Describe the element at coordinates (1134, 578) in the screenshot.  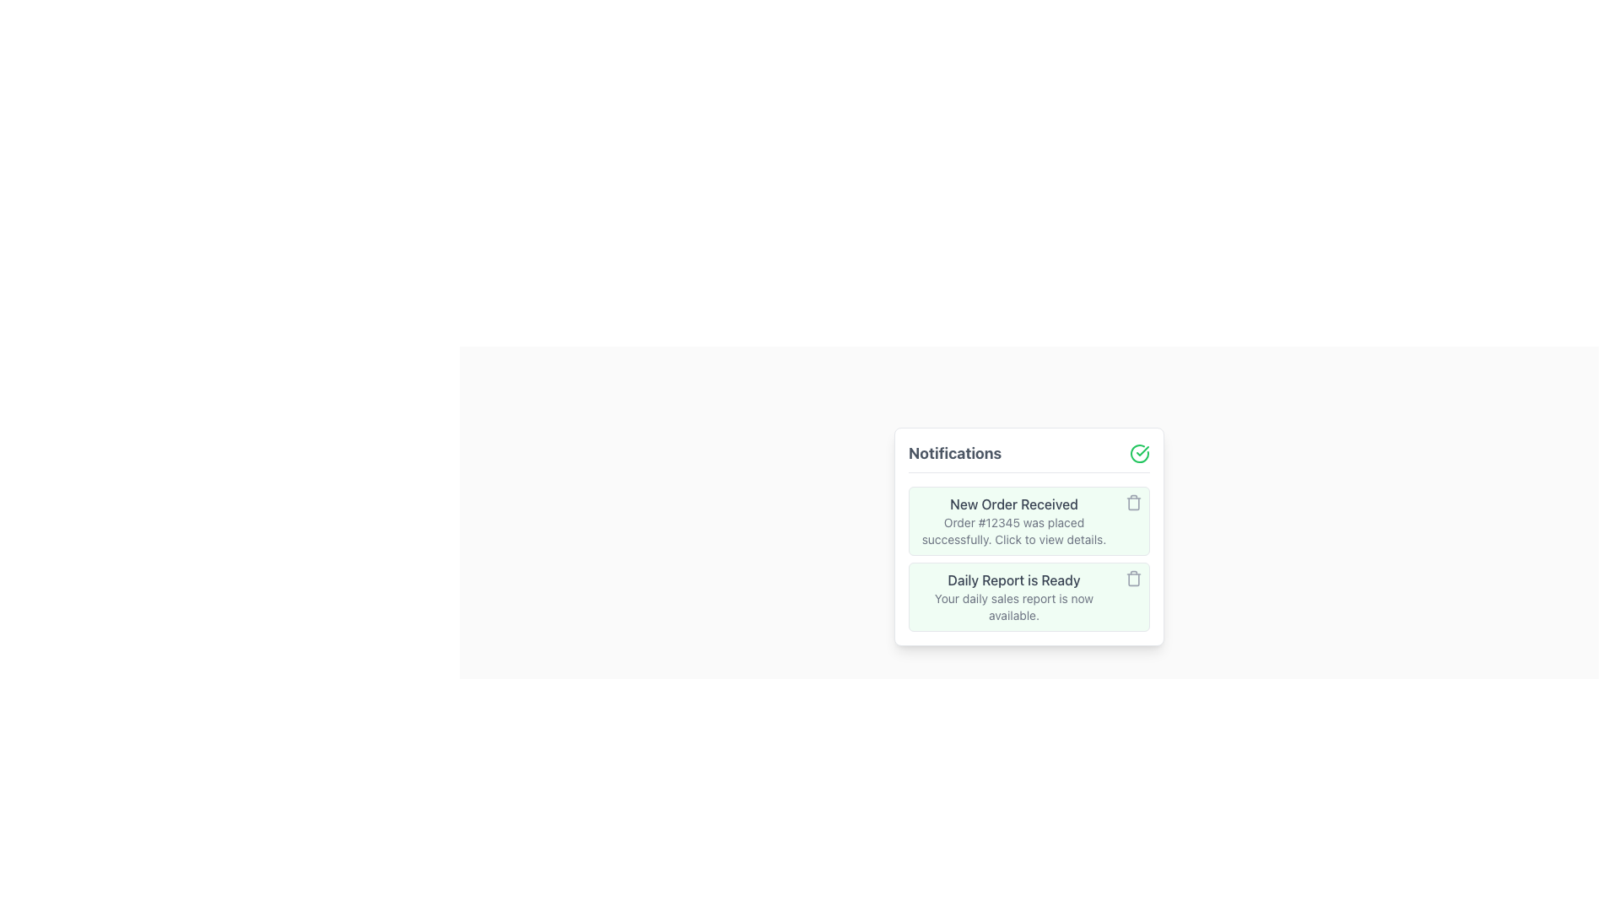
I see `the main body of the trash can icon, which is the second component within the SVG graphic` at that location.